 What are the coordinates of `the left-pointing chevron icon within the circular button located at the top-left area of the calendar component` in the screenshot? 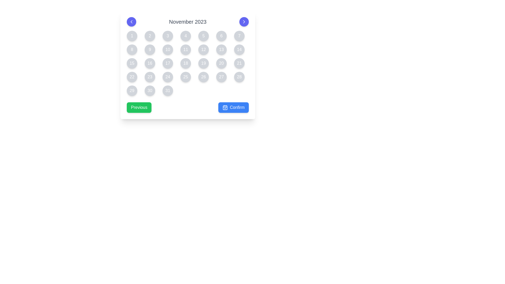 It's located at (131, 22).